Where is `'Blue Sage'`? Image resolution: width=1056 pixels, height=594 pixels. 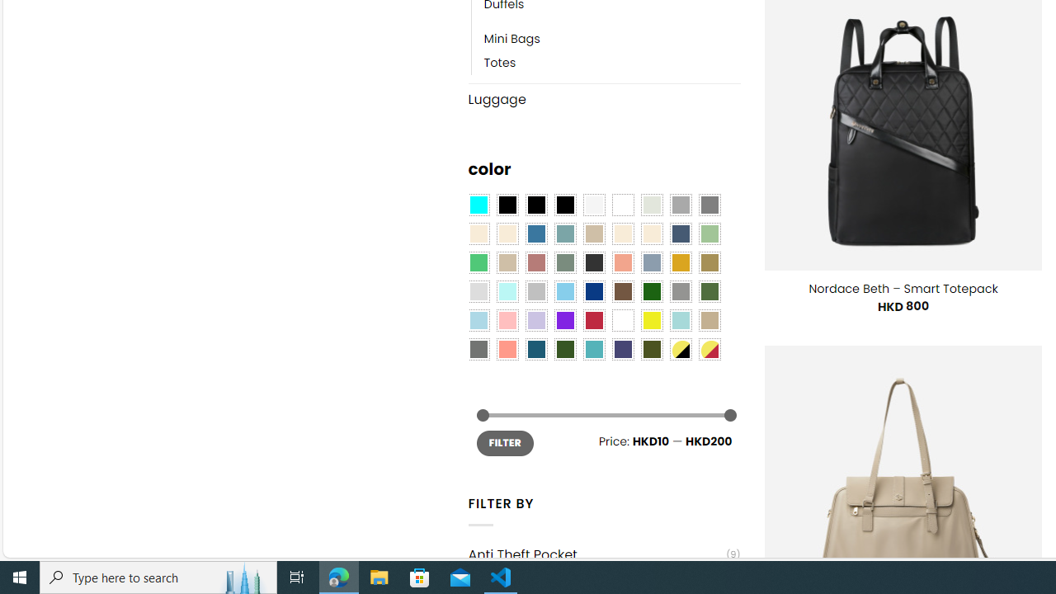 'Blue Sage' is located at coordinates (564, 233).